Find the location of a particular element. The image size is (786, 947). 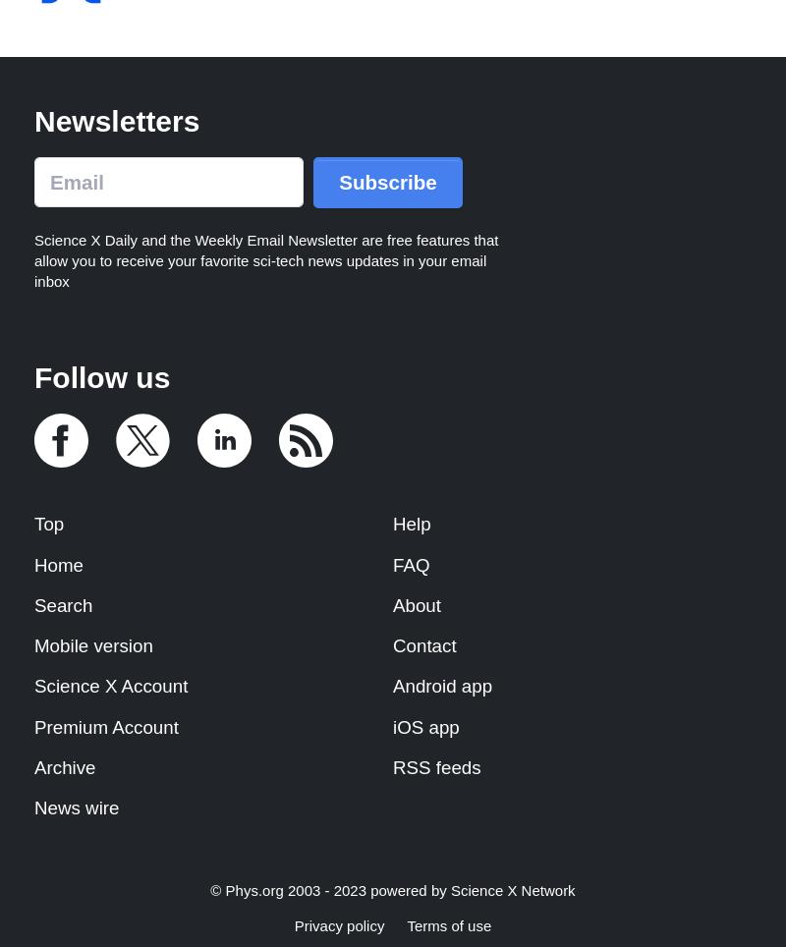

'Android app' is located at coordinates (441, 686).